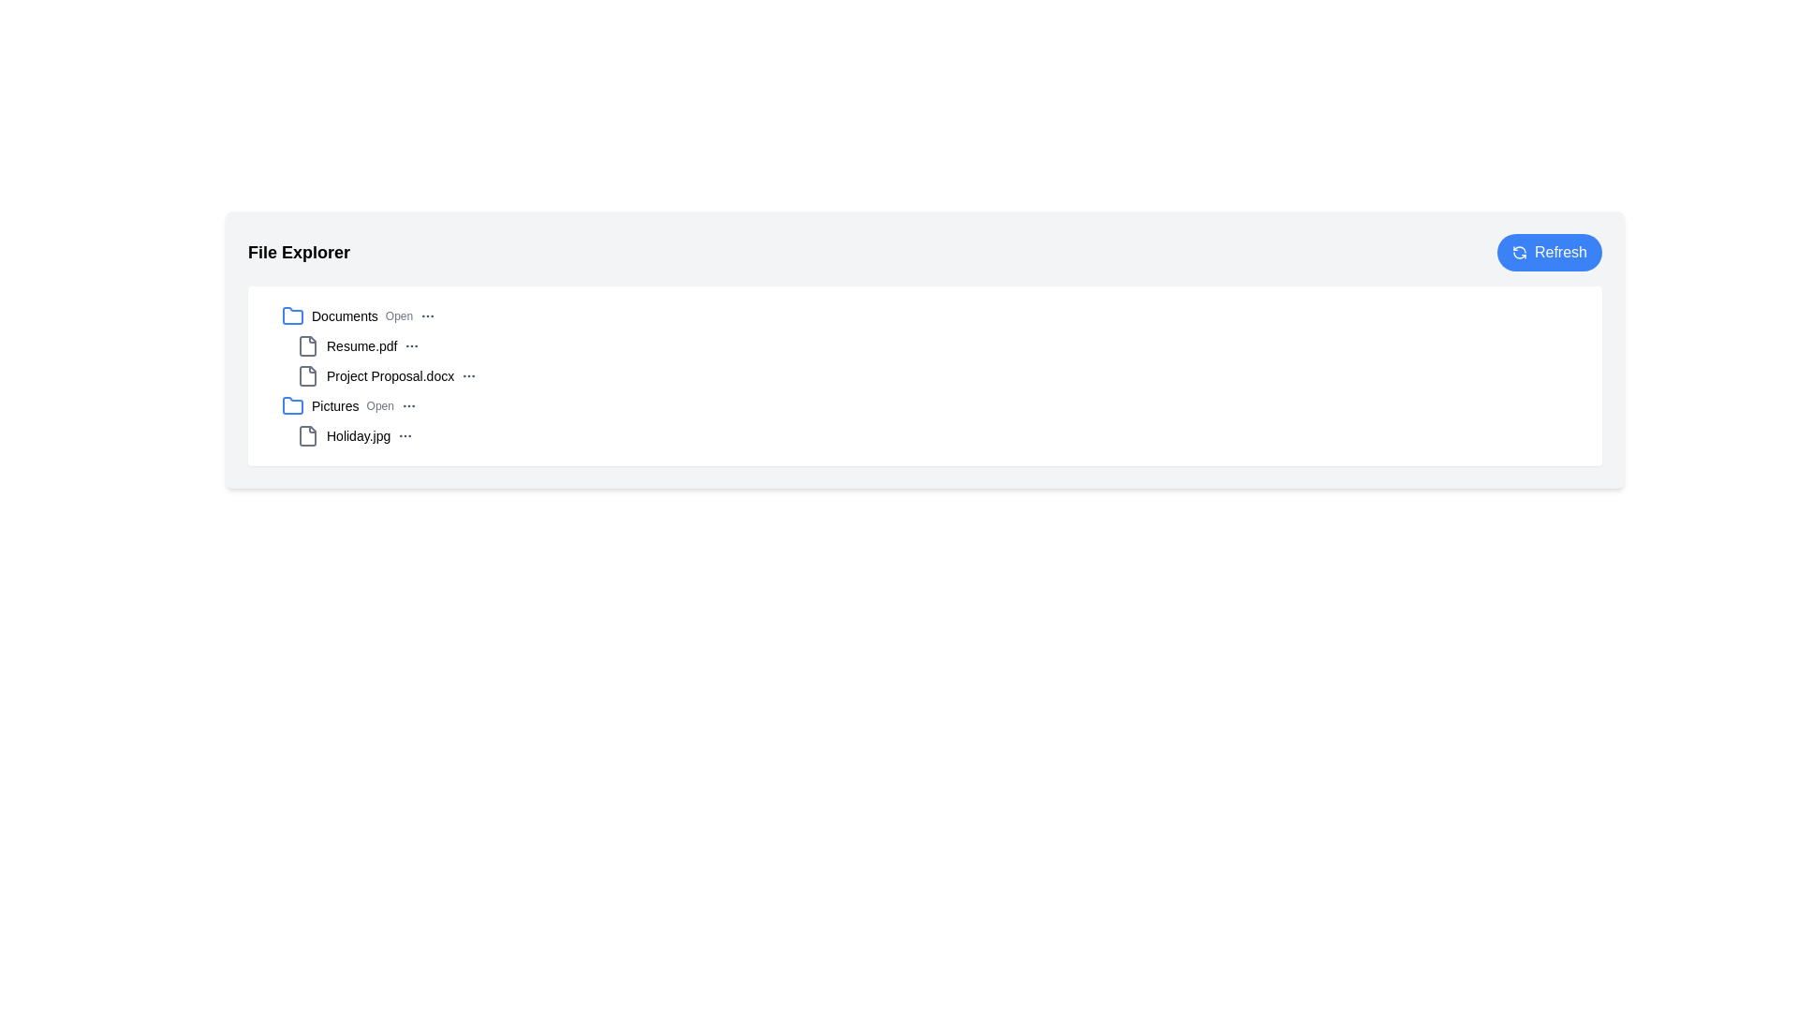 This screenshot has height=1011, width=1798. Describe the element at coordinates (427, 315) in the screenshot. I see `the menu button located to the right of the 'Open' text` at that location.